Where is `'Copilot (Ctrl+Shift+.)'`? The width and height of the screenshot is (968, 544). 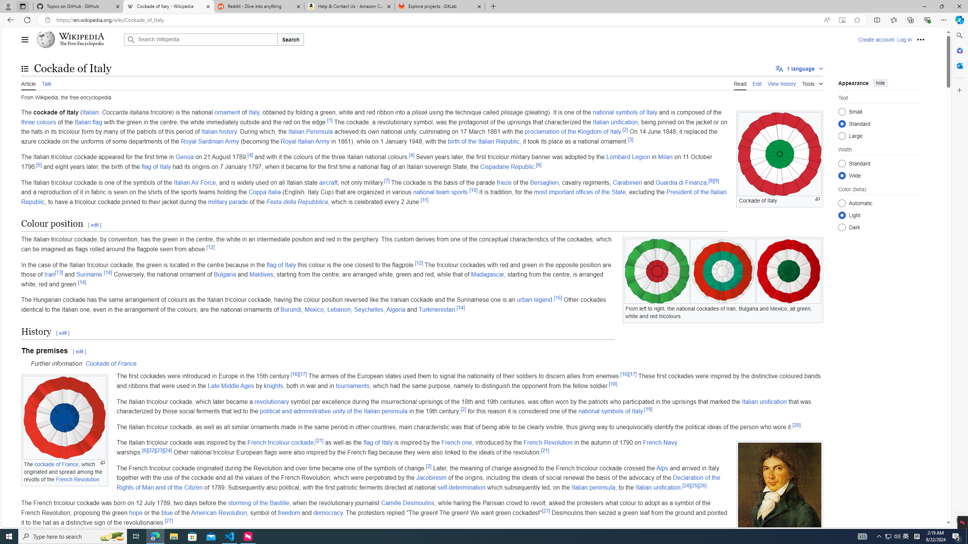 'Copilot (Ctrl+Shift+.)' is located at coordinates (959, 19).